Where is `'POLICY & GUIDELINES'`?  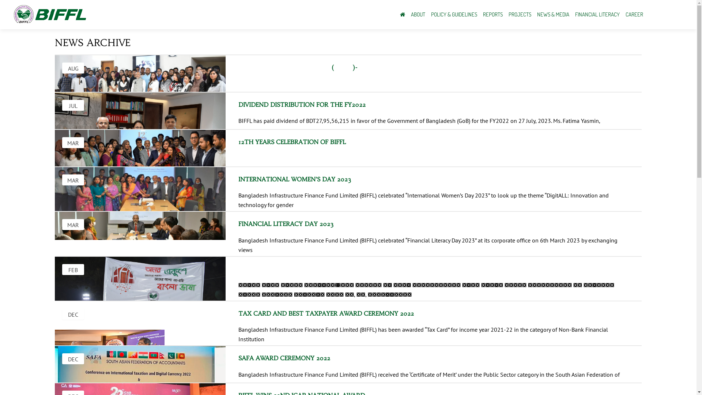
'POLICY & GUIDELINES' is located at coordinates (454, 14).